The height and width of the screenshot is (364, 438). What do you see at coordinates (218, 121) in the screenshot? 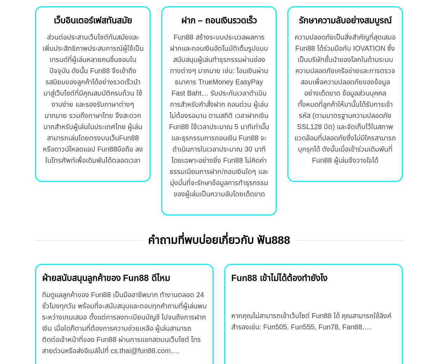
I see `'ฝากเงิน Fun88'` at bounding box center [218, 121].